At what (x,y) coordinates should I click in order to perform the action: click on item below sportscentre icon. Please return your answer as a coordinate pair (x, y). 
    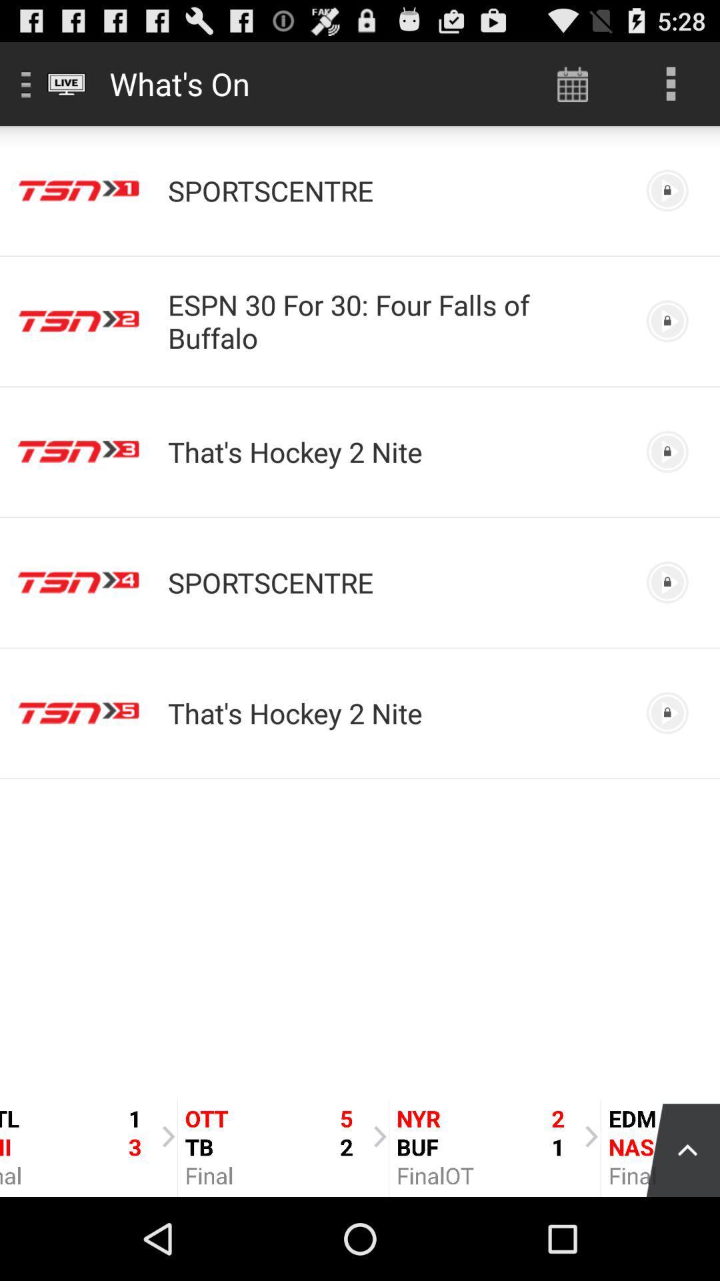
    Looking at the image, I should click on (395, 321).